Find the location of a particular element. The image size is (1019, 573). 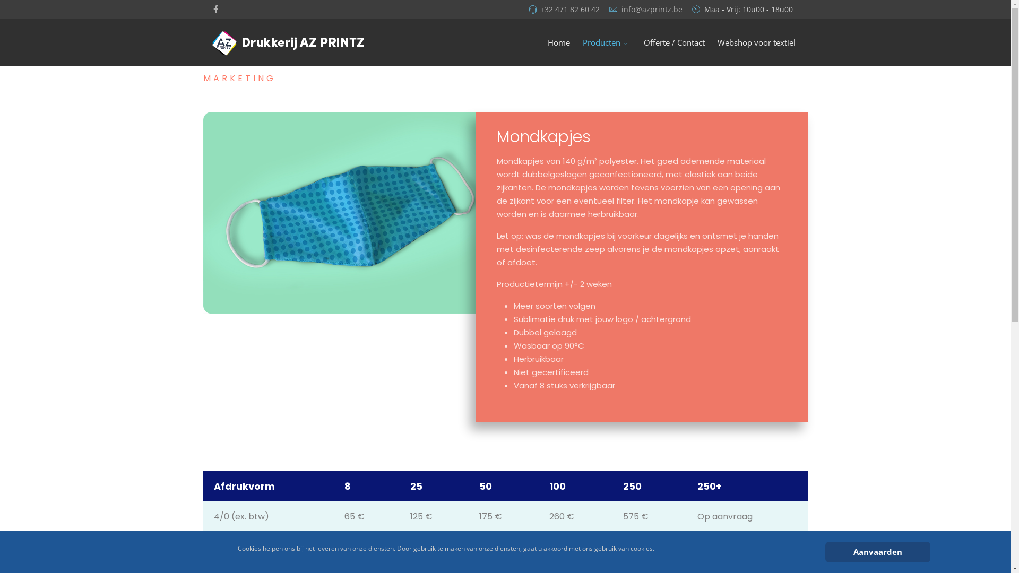

'Webshop voor textiel' is located at coordinates (756, 42).